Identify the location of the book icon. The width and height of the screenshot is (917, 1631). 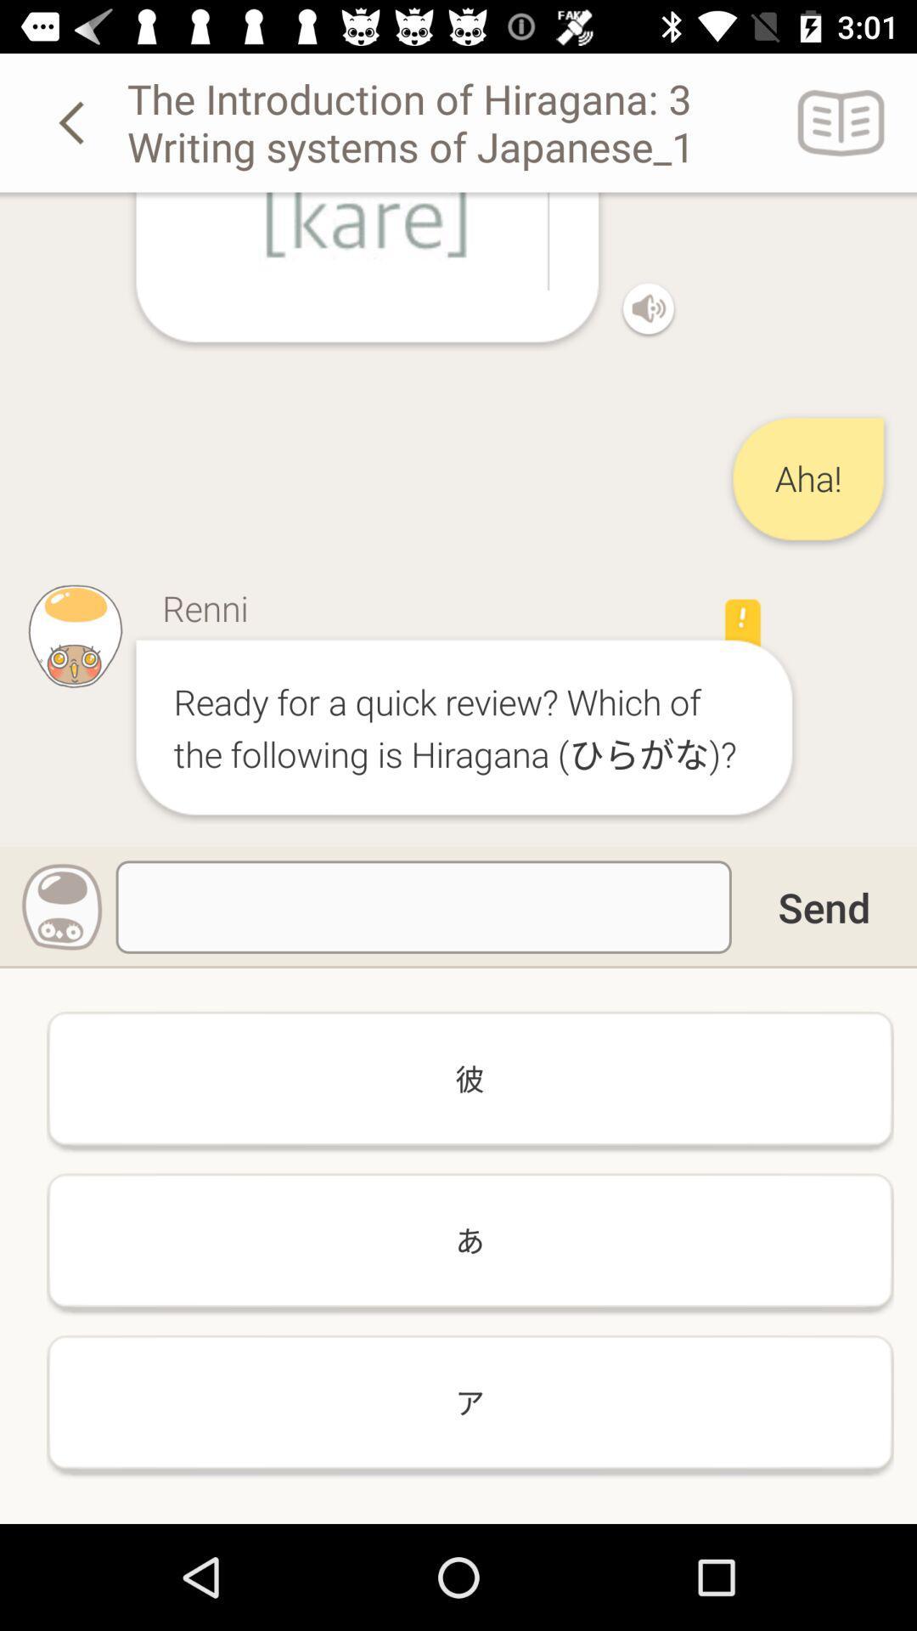
(841, 121).